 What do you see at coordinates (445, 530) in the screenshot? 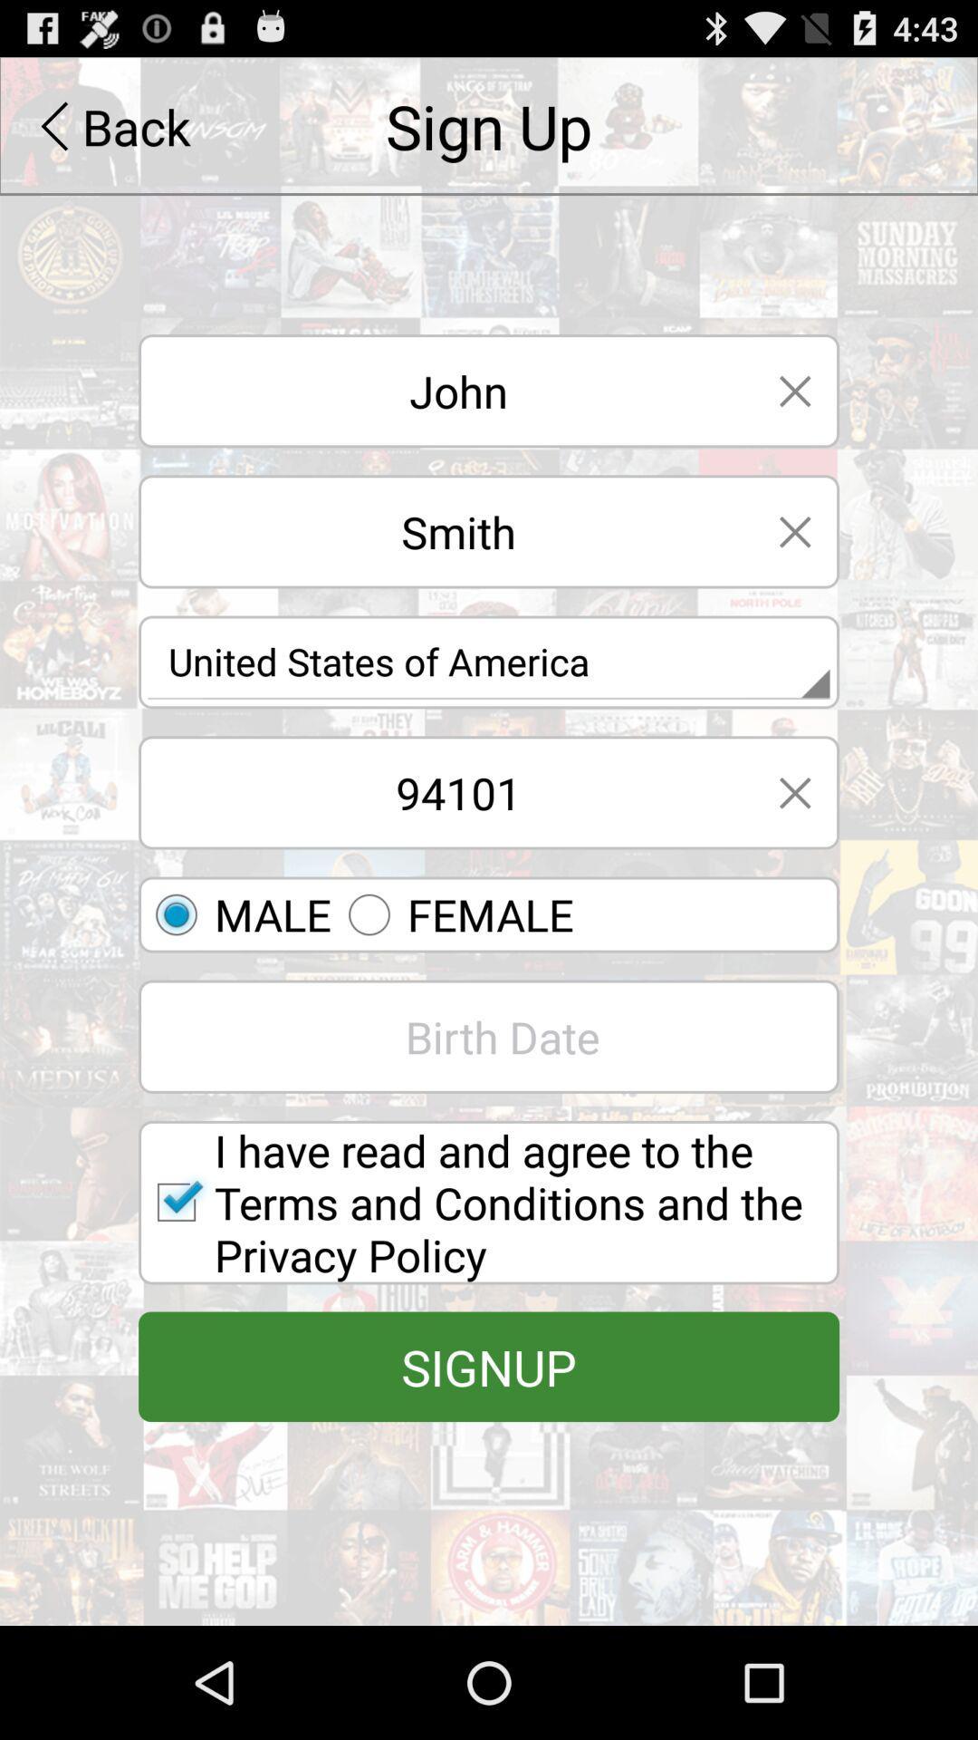
I see `smith text option below john` at bounding box center [445, 530].